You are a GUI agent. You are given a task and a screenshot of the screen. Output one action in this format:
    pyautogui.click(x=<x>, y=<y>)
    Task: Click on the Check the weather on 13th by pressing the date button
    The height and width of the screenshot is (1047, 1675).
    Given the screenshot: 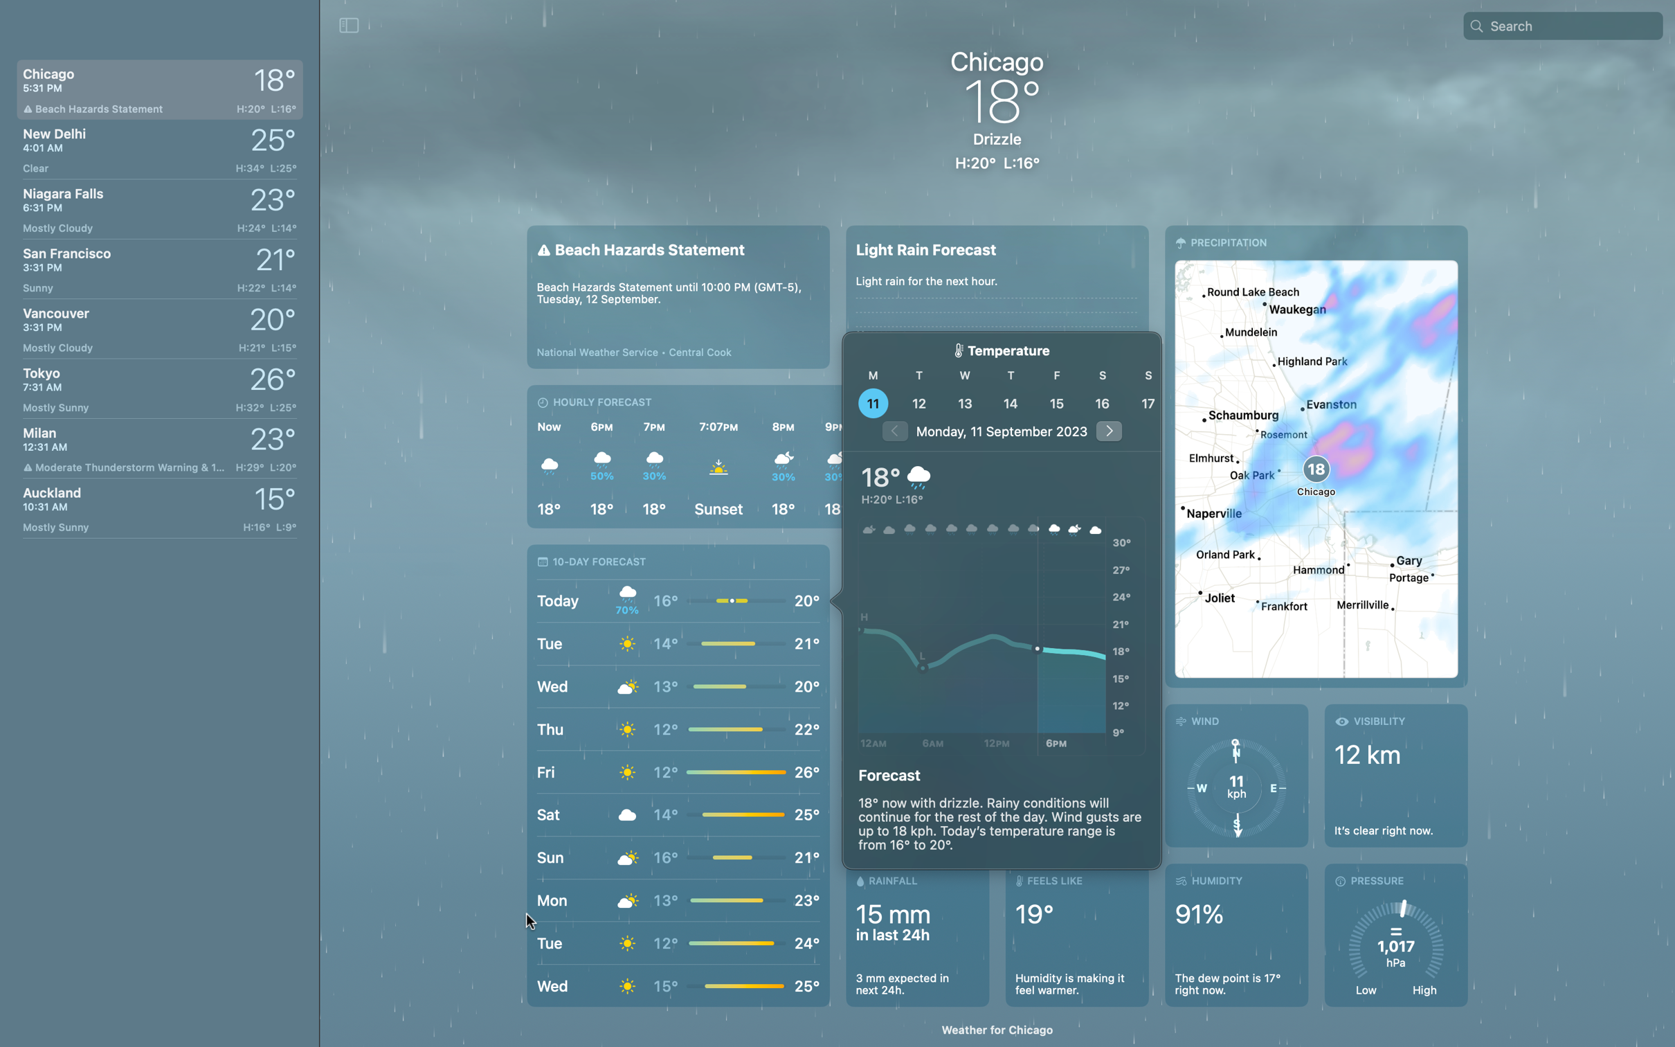 What is the action you would take?
    pyautogui.click(x=966, y=402)
    